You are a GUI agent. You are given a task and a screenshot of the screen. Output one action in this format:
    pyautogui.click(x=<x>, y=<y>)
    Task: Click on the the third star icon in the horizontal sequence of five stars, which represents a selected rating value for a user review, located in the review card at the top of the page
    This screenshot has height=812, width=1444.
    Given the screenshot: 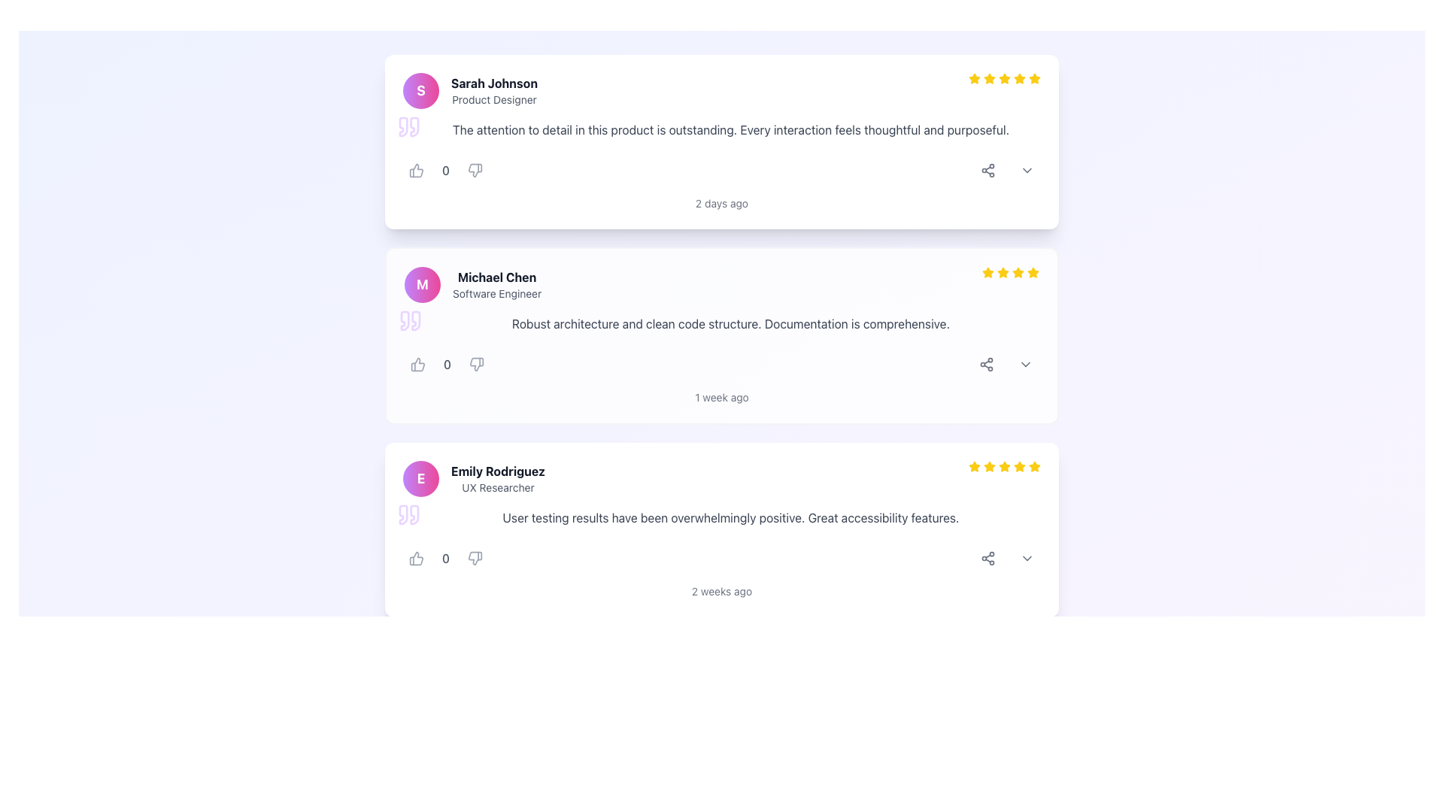 What is the action you would take?
    pyautogui.click(x=989, y=78)
    